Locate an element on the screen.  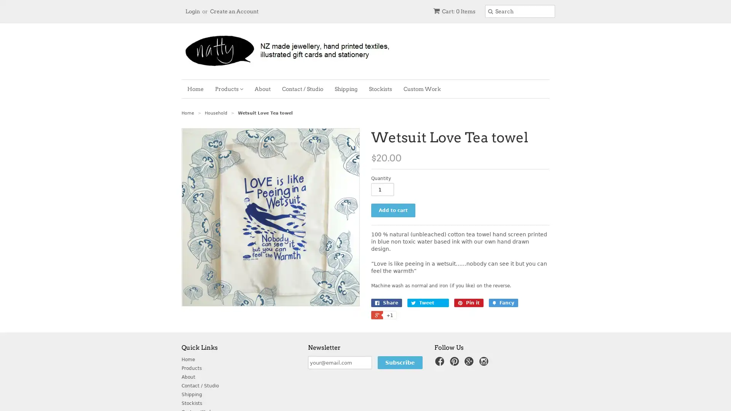
Add to cart is located at coordinates (393, 210).